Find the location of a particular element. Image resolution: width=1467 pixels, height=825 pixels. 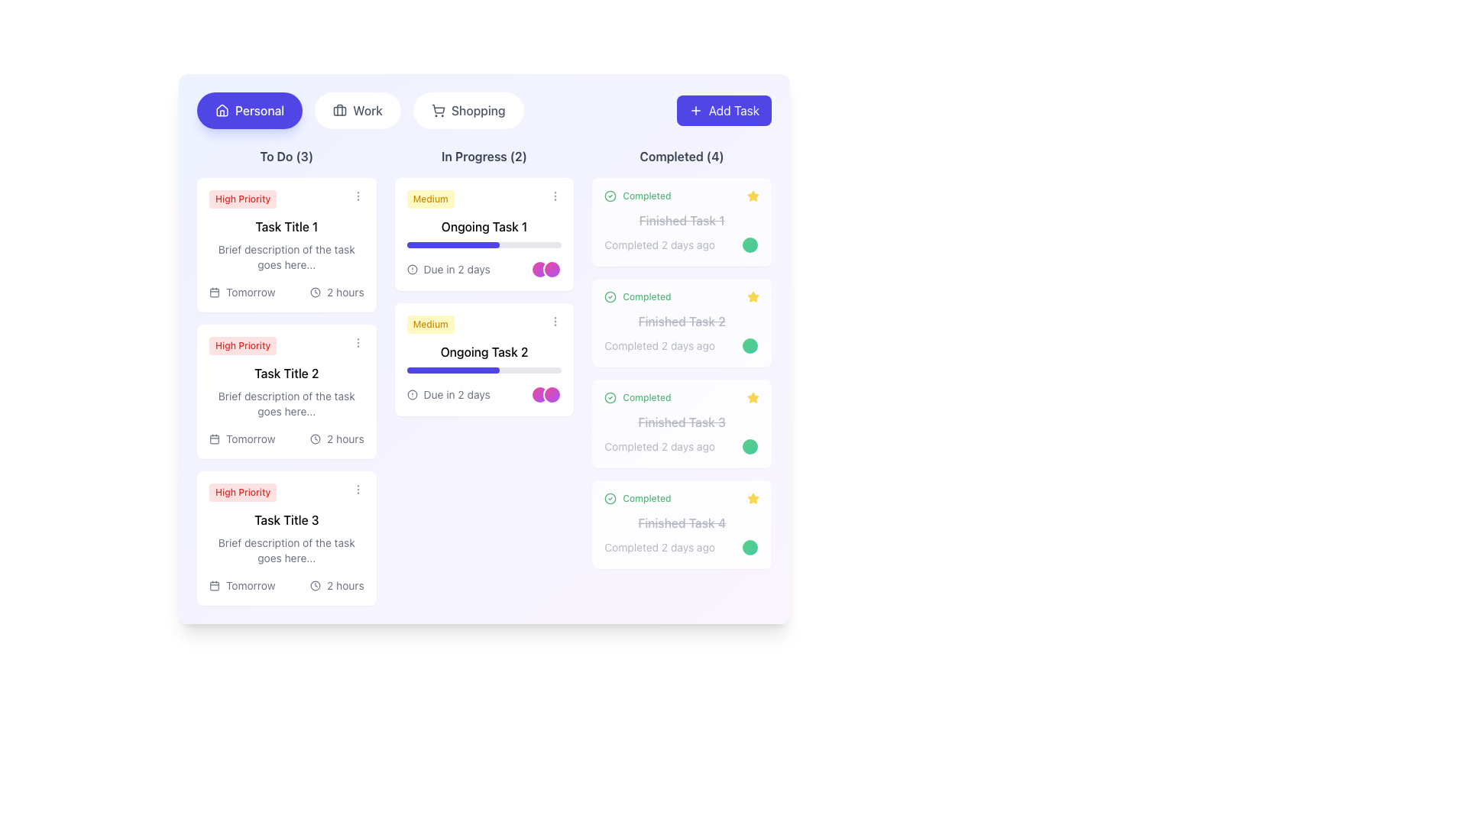

the displayed information from the Label with a clock icon and text reading '2 hours' located at the bottom-right of the 'Task Title 3' card in the 'To Do' section is located at coordinates (336, 585).